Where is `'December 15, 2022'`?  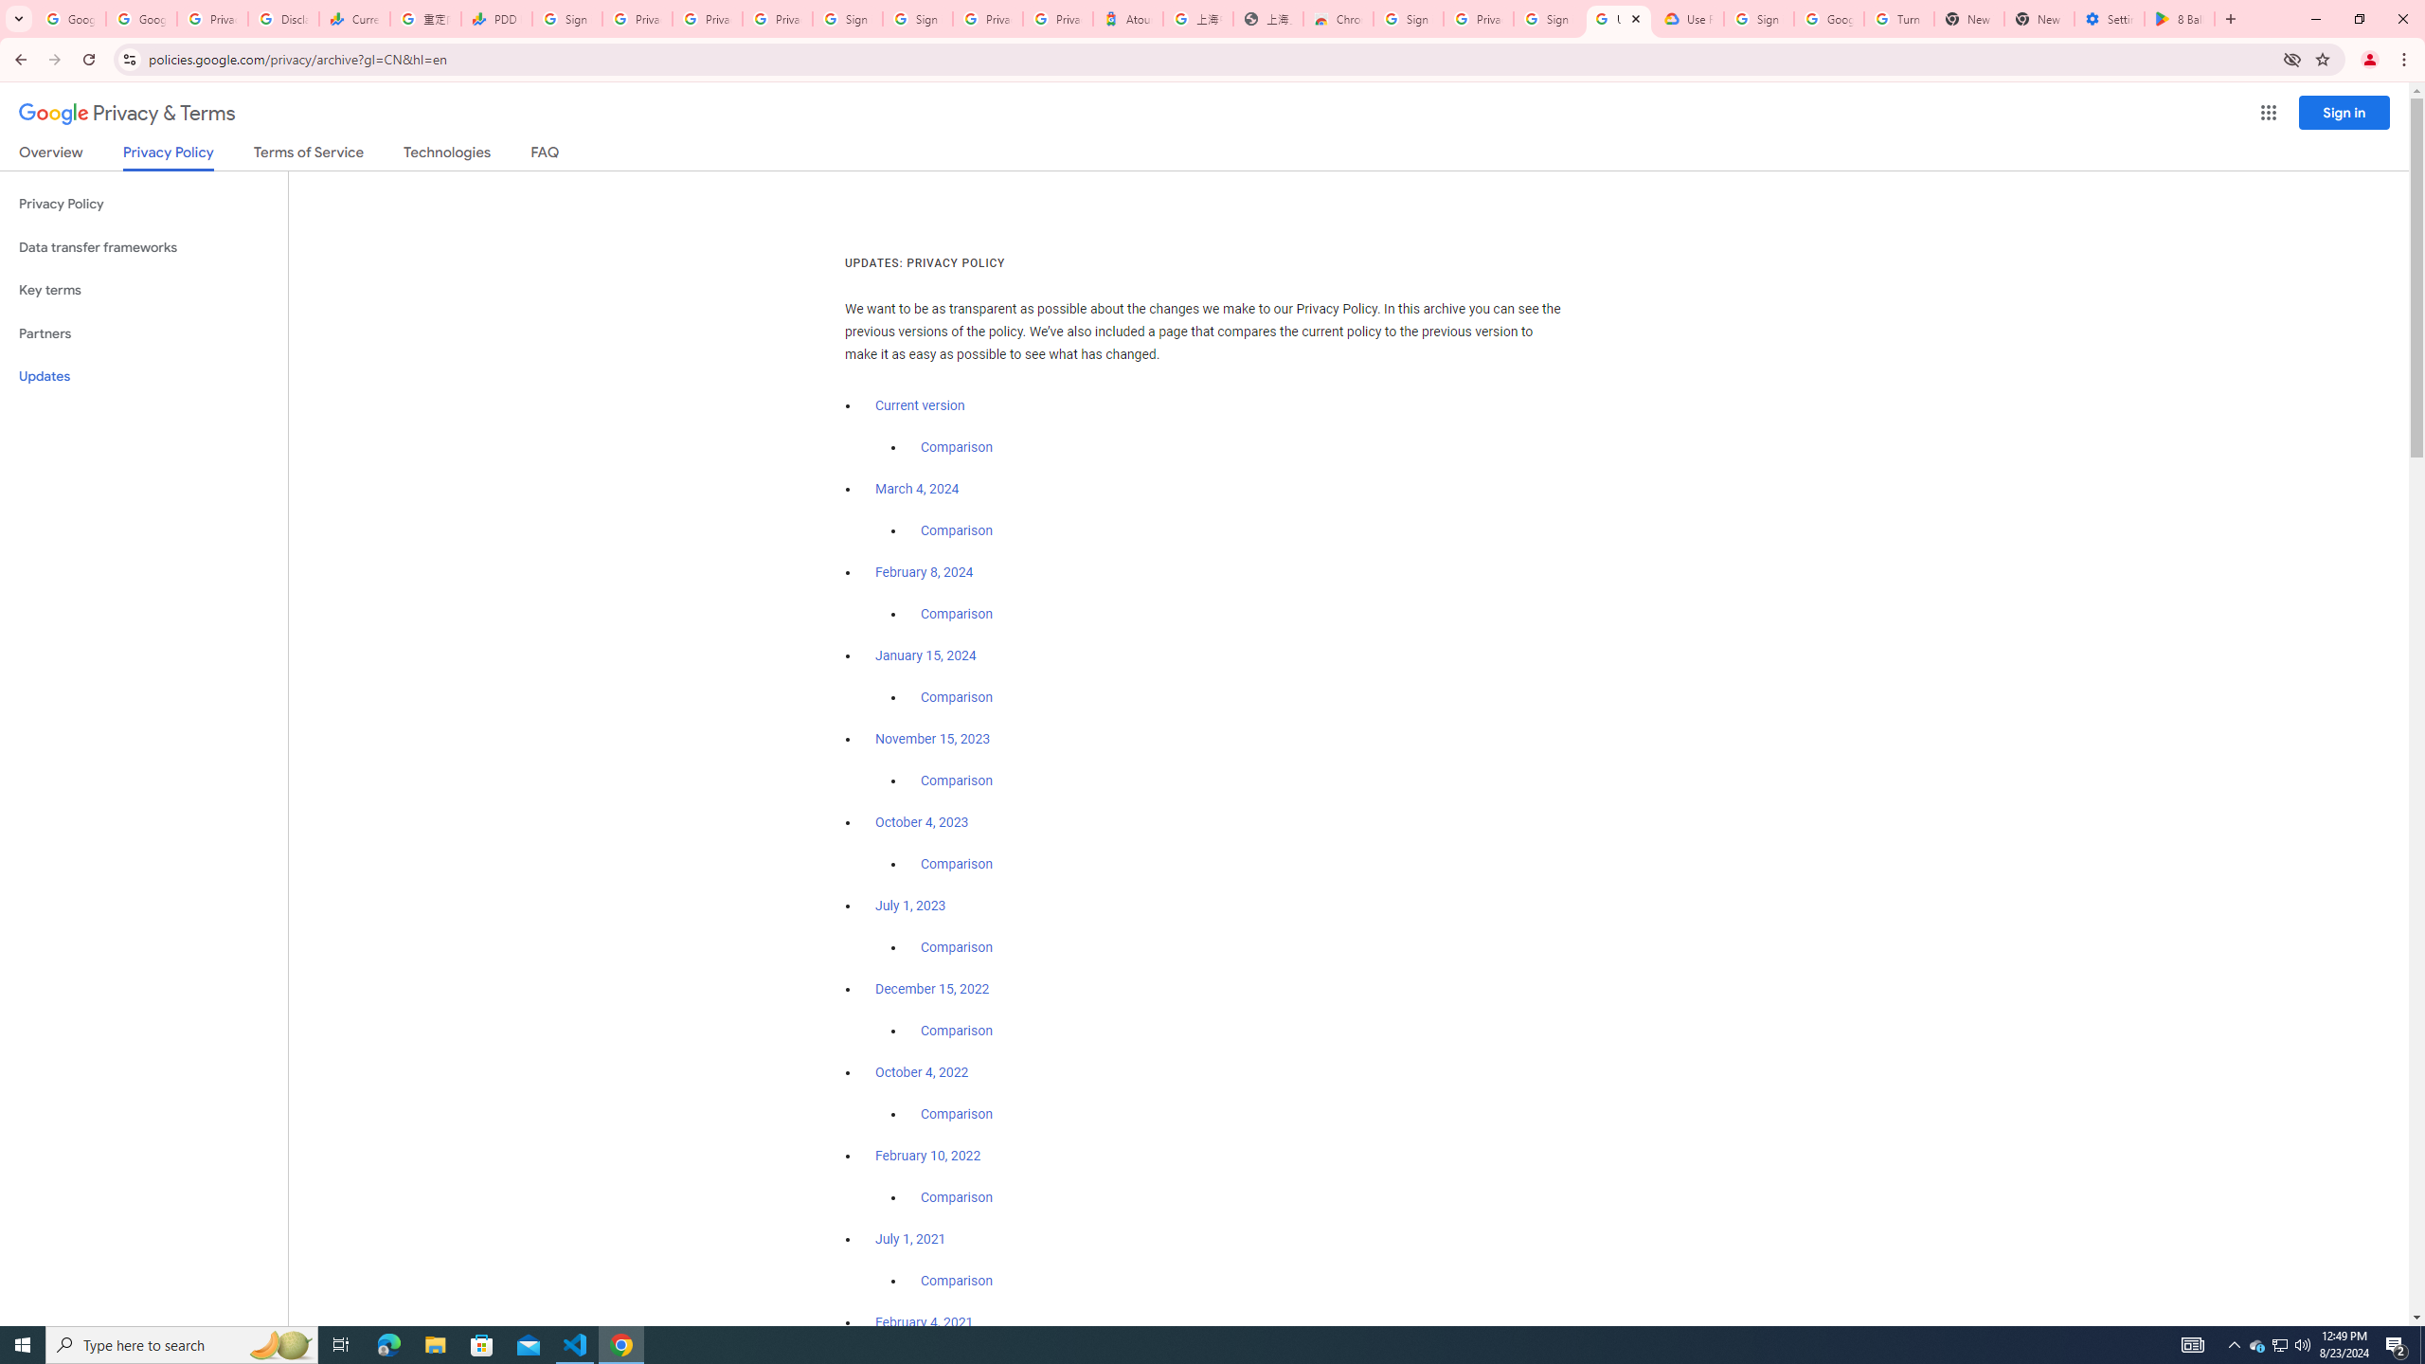 'December 15, 2022' is located at coordinates (931, 988).